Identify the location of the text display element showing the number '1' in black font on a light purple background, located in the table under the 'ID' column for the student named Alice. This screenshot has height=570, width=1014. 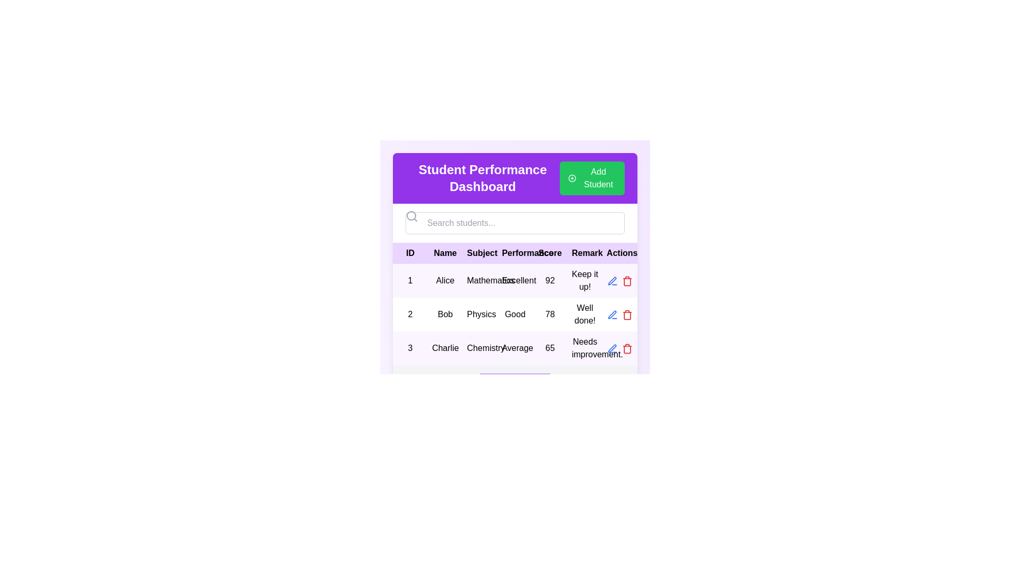
(410, 280).